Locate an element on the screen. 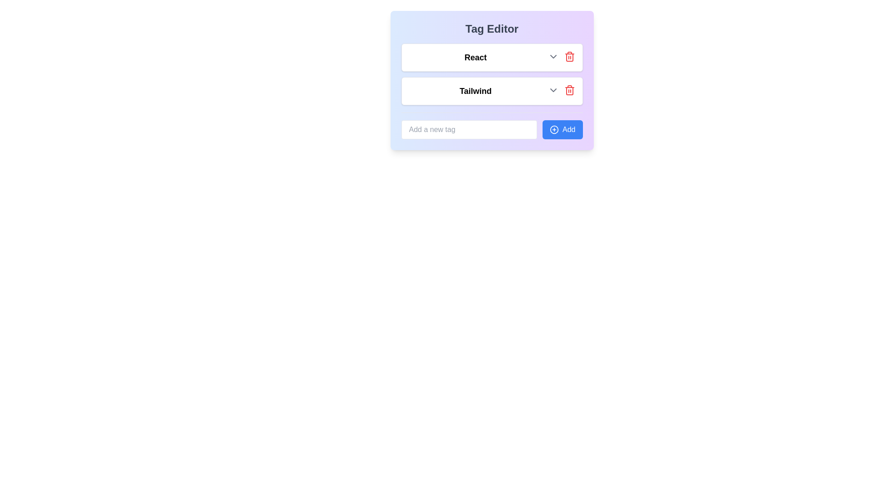  the rectangular 'Add' button with a blue background and a plus sign icon located at the bottom-right corner of the section to activate hover effects is located at coordinates (562, 129).